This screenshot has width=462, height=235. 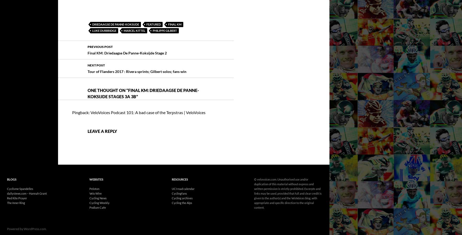 What do you see at coordinates (143, 78) in the screenshot?
I see `'Final KM: Driedaagse De Panne-Koksijde Stages 3a 3b'` at bounding box center [143, 78].